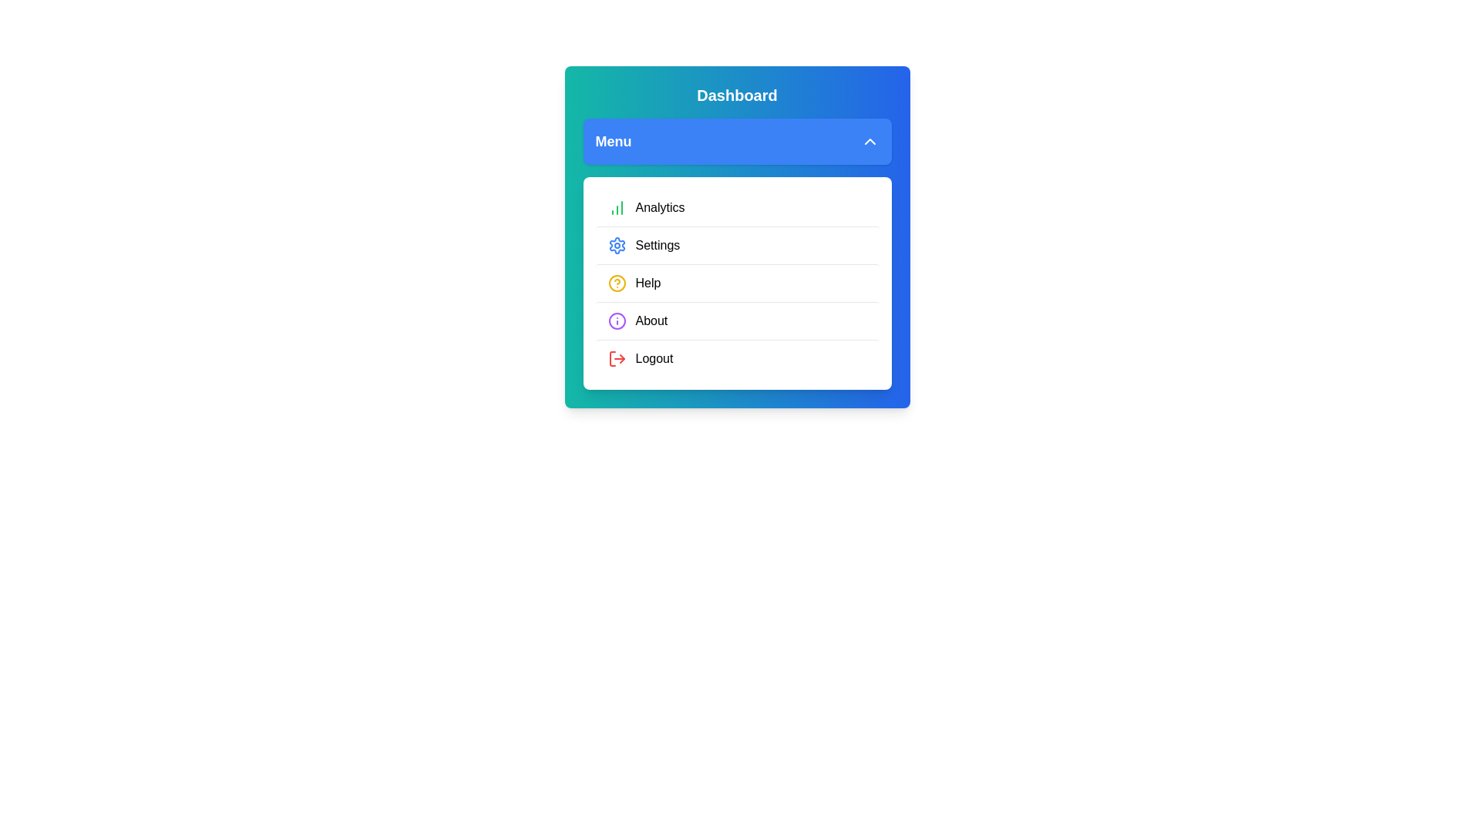  Describe the element at coordinates (736, 142) in the screenshot. I see `the menu toggle button located directly below the 'Dashboard' title` at that location.